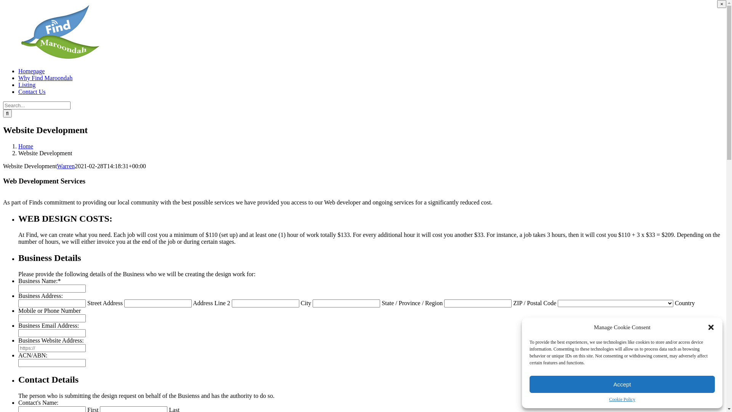 This screenshot has width=732, height=412. I want to click on 'Homepage', so click(31, 71).